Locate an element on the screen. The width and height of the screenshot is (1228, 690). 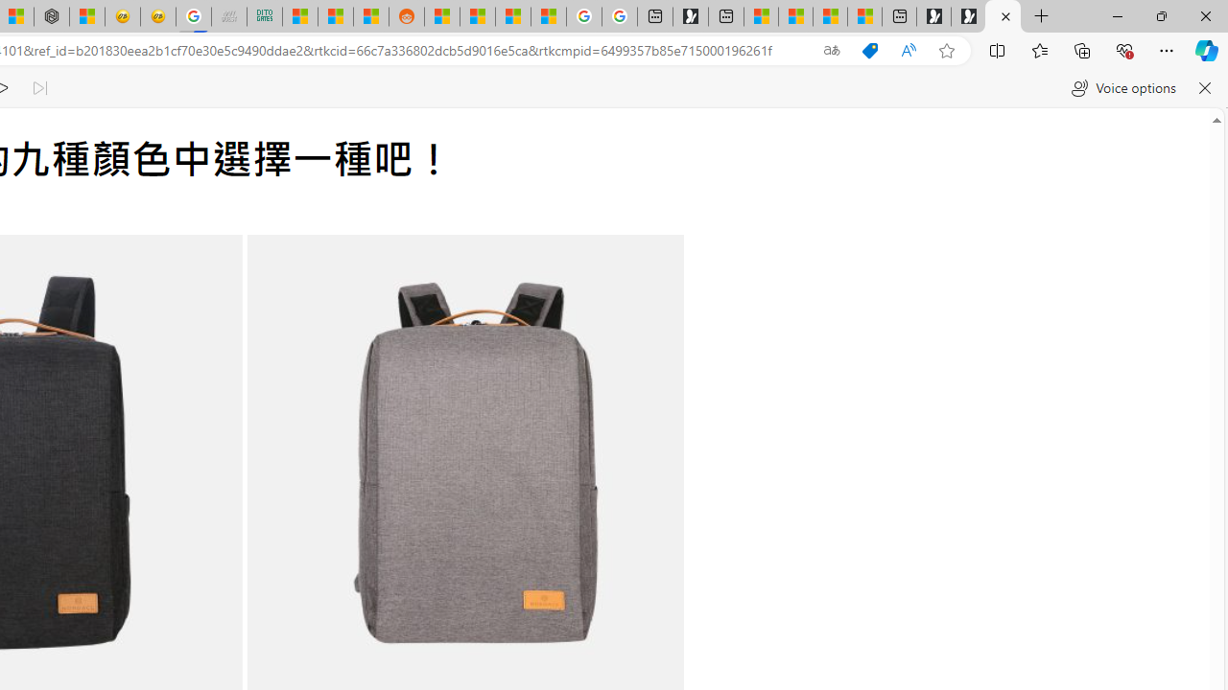
'R******* | Trusted Community Engagement and Contributions' is located at coordinates (440, 16).